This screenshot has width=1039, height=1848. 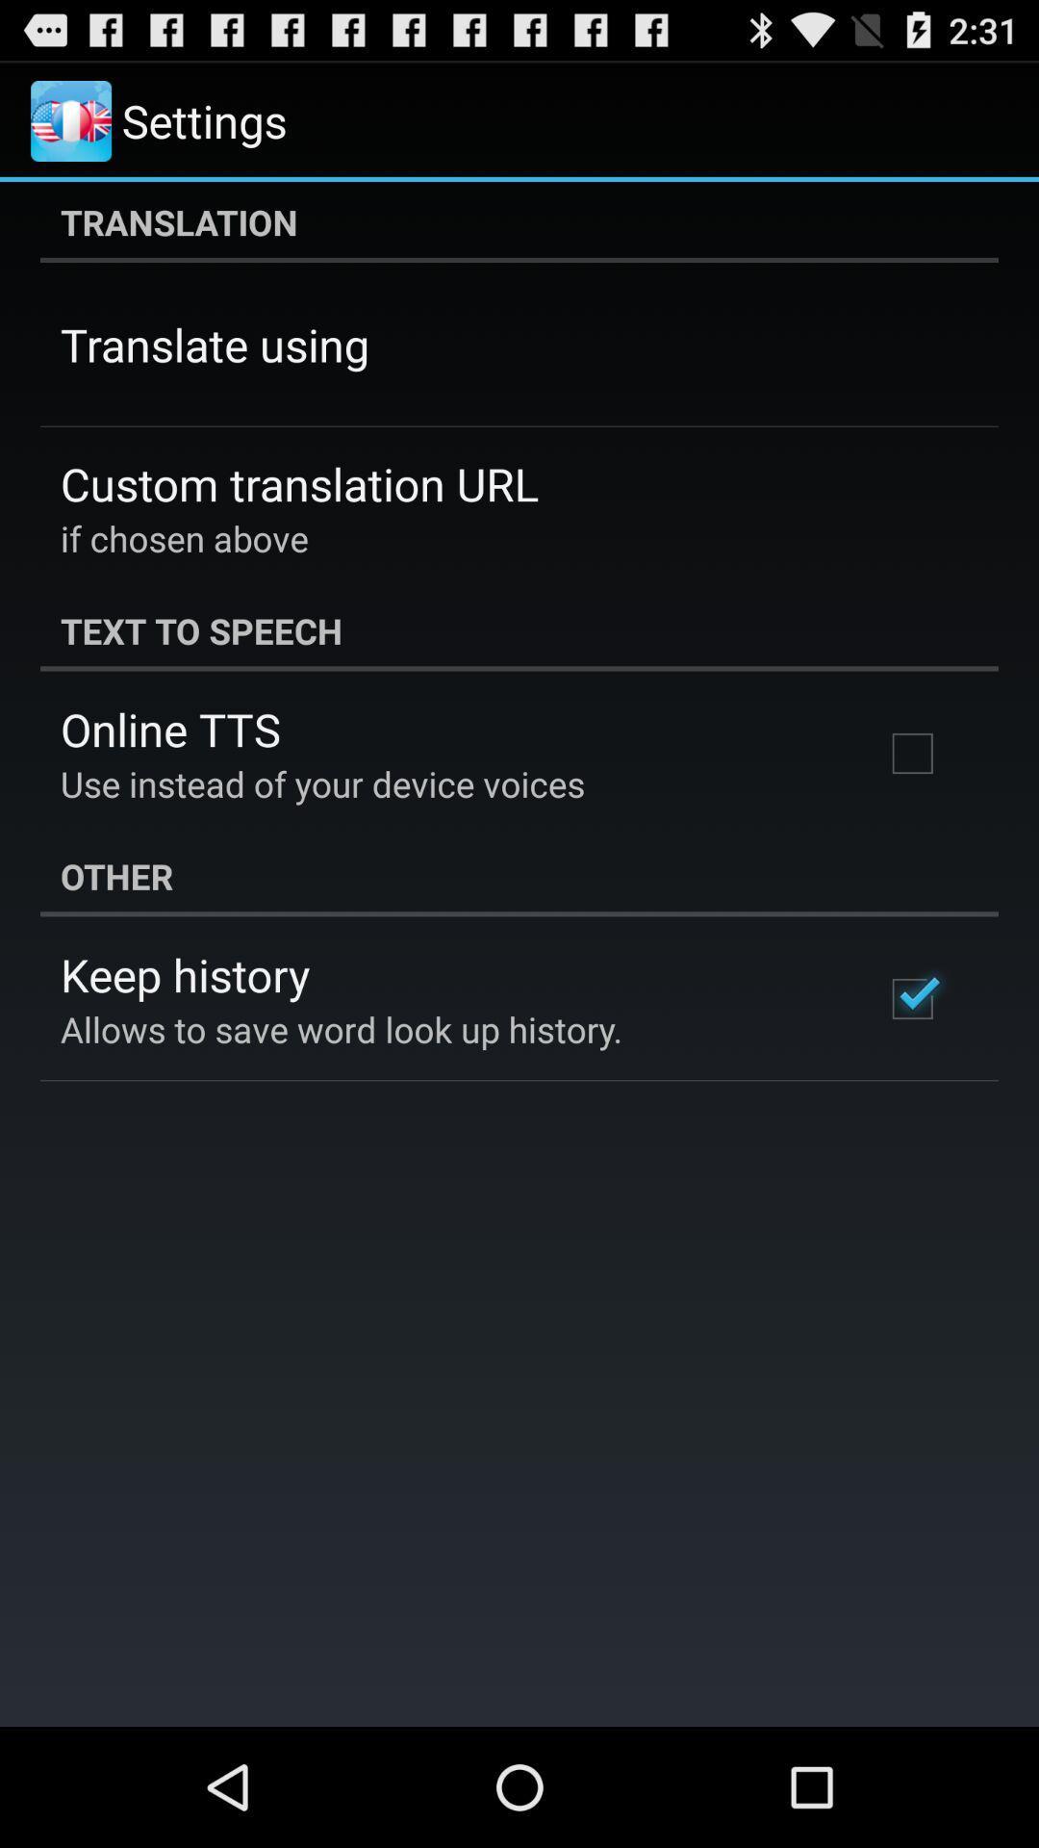 I want to click on the allows to save item, so click(x=341, y=1028).